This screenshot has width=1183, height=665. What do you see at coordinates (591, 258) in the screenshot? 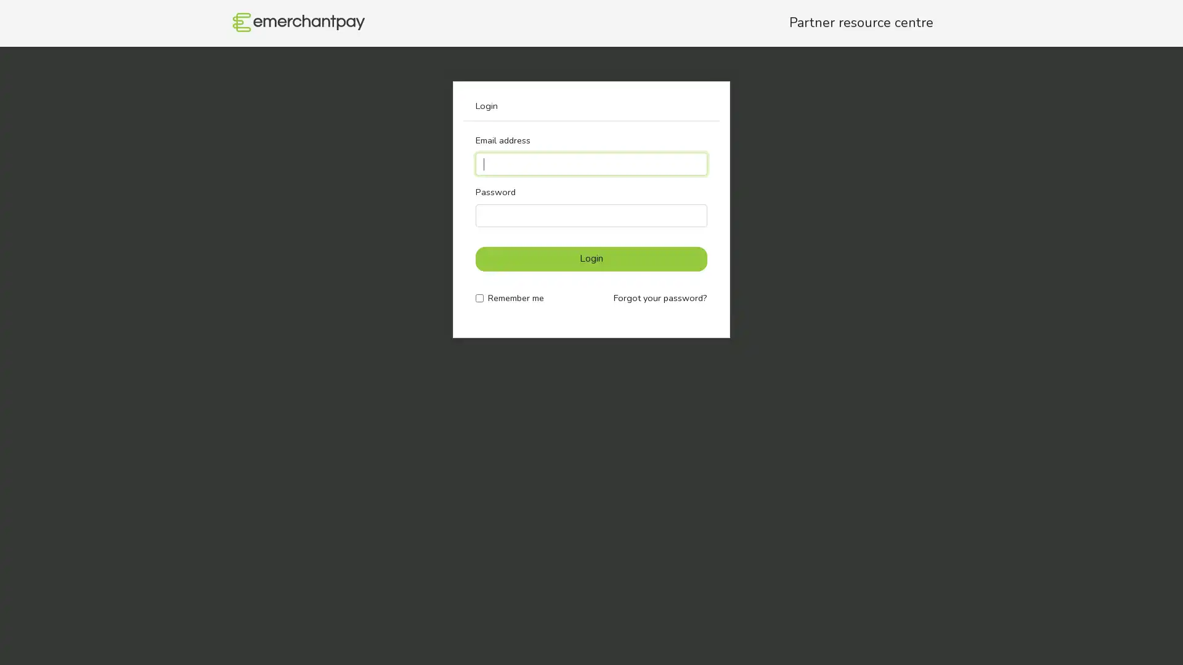
I see `Login` at bounding box center [591, 258].